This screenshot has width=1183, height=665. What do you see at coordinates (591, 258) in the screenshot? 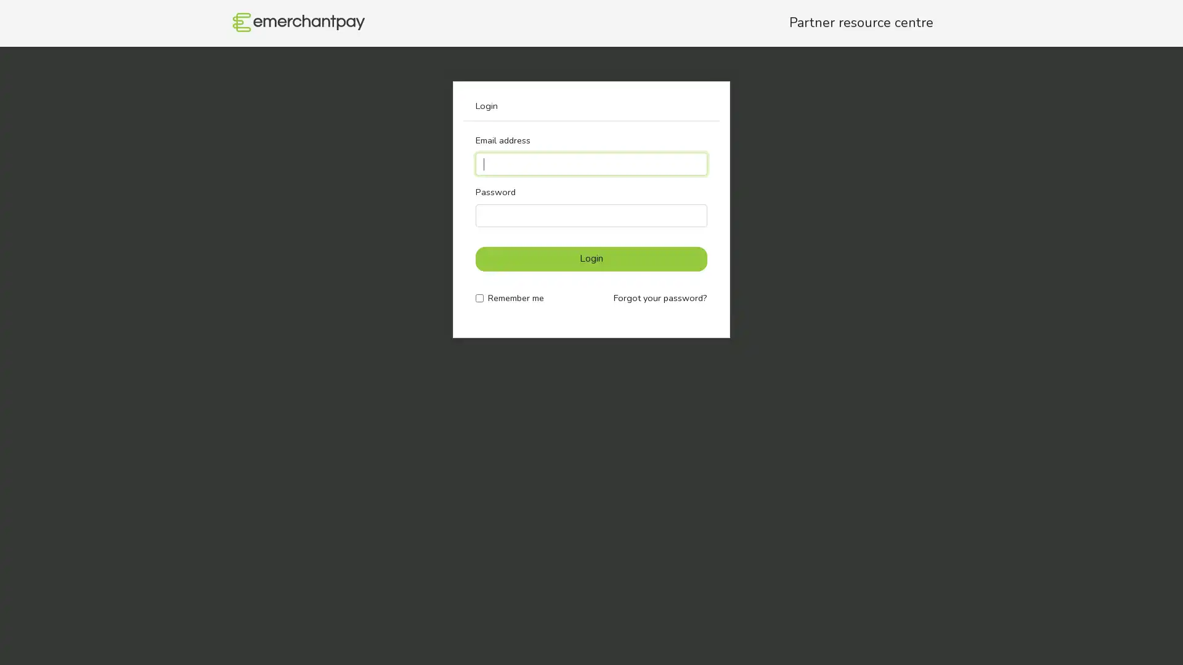
I see `Login` at bounding box center [591, 258].